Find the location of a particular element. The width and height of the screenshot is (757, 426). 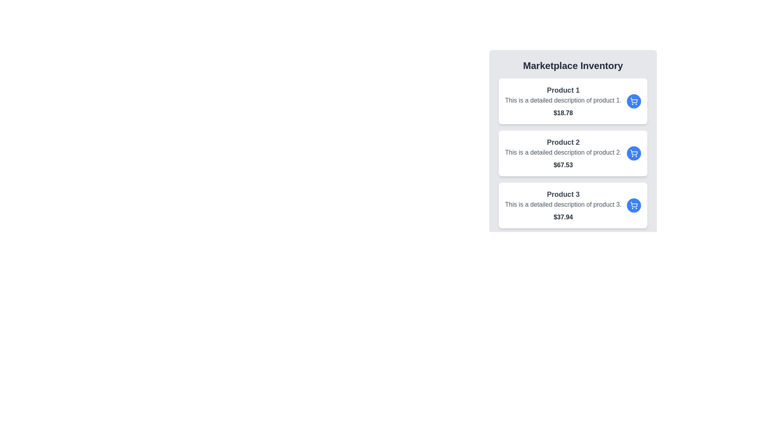

the small shopping cart icon, which is styled with thin lines and enclosed in a blue circular background, located is located at coordinates (634, 205).